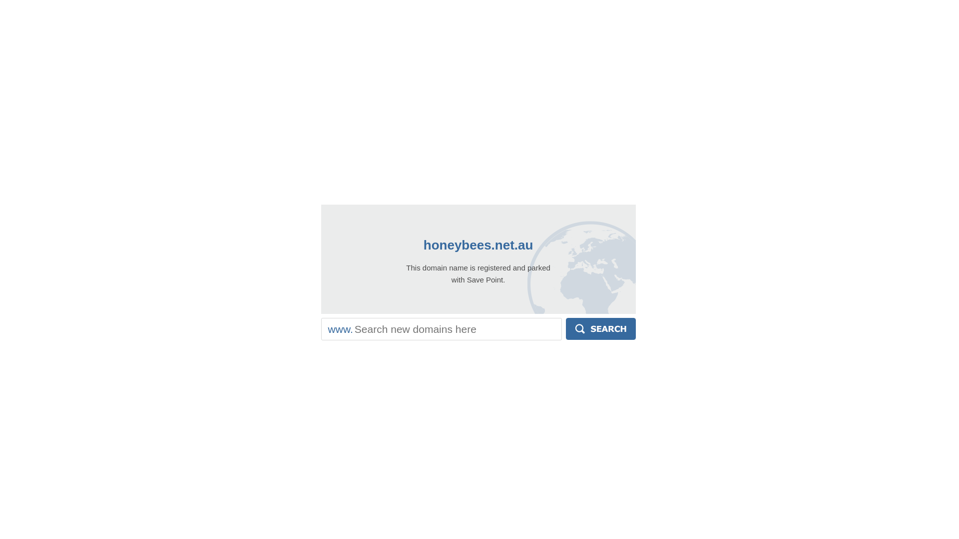  Describe the element at coordinates (565, 329) in the screenshot. I see `'Search'` at that location.